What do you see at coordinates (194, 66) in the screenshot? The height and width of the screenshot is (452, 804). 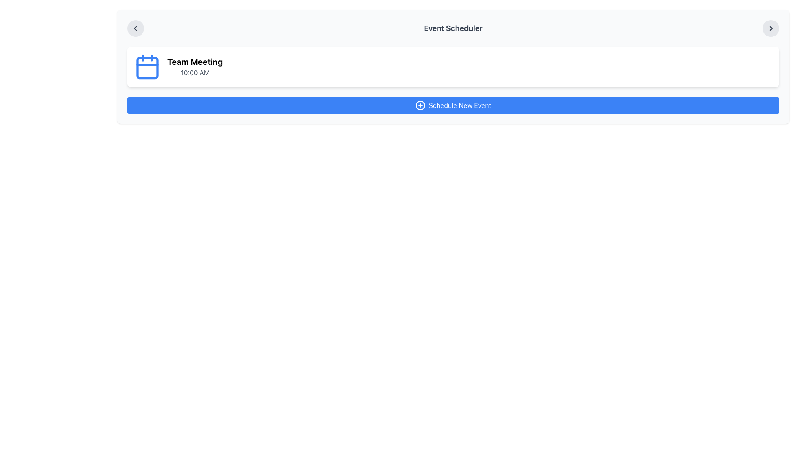 I see `the Text Display element that shows 'Team Meeting' and '10:00 AM', which is located to the right of a blue calendar icon within a card layout` at bounding box center [194, 66].